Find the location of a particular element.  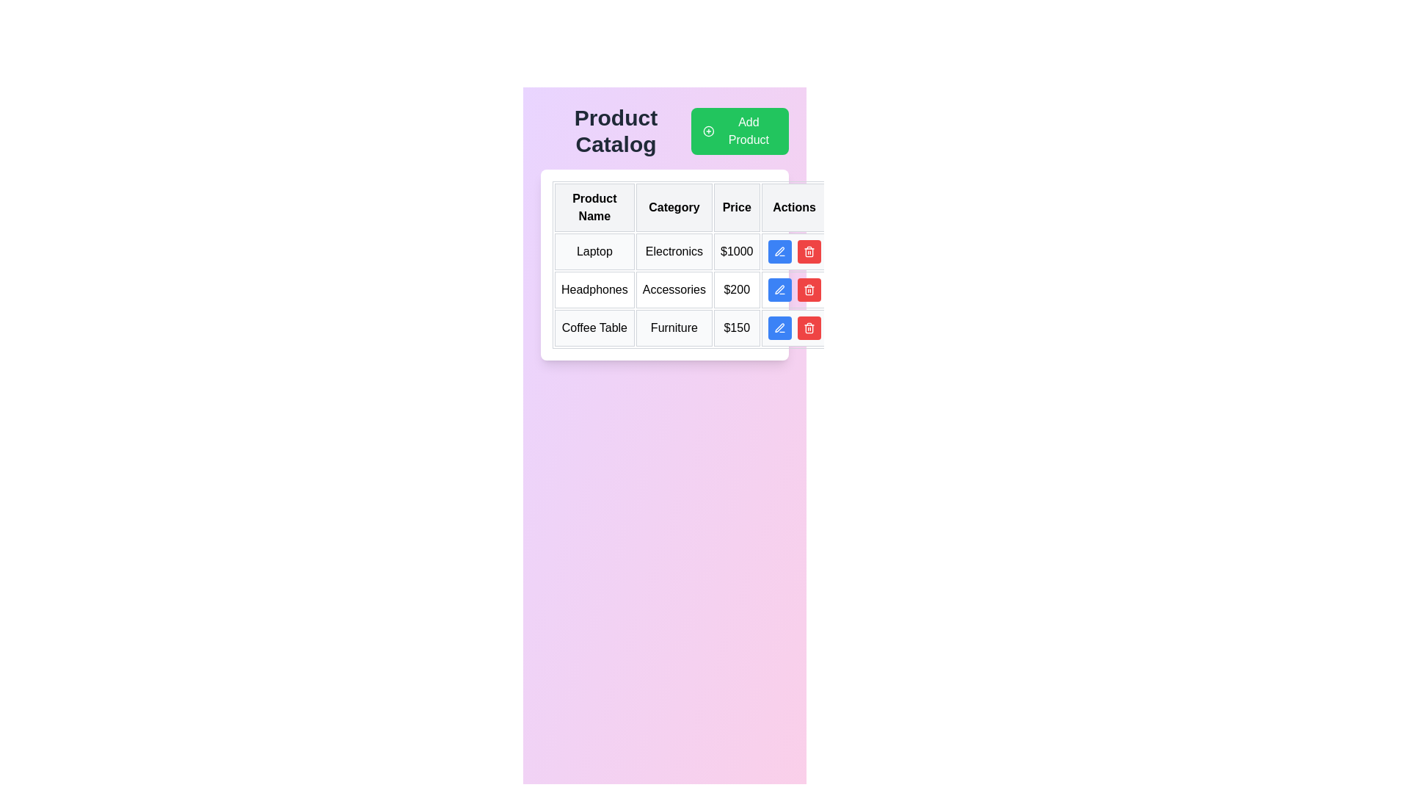

the red rectangular button with rounded corners and a white trash bin icon is located at coordinates (808, 289).